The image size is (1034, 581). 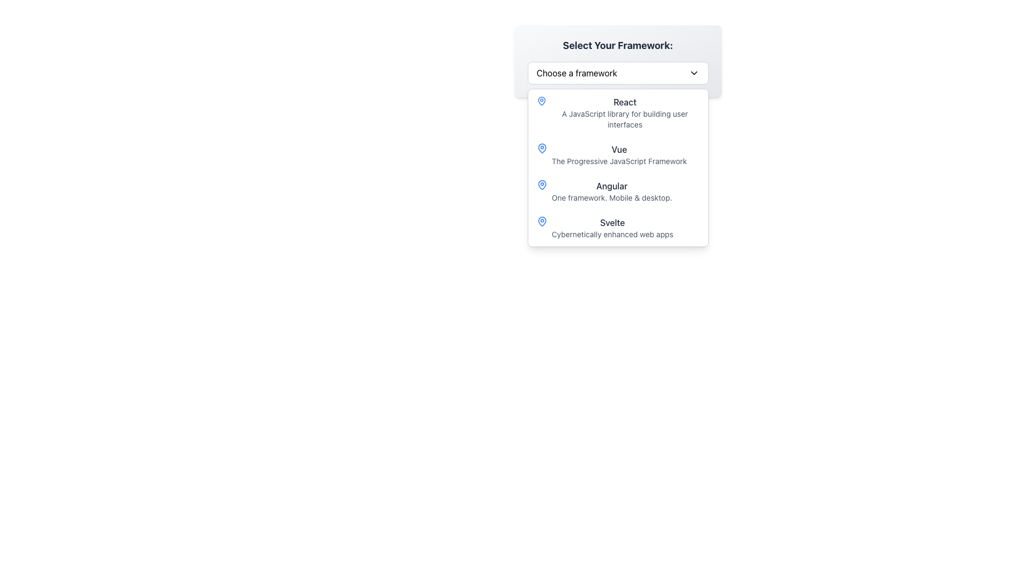 What do you see at coordinates (618, 168) in the screenshot?
I see `the Dropdown Menu below the 'Choose a framework' button` at bounding box center [618, 168].